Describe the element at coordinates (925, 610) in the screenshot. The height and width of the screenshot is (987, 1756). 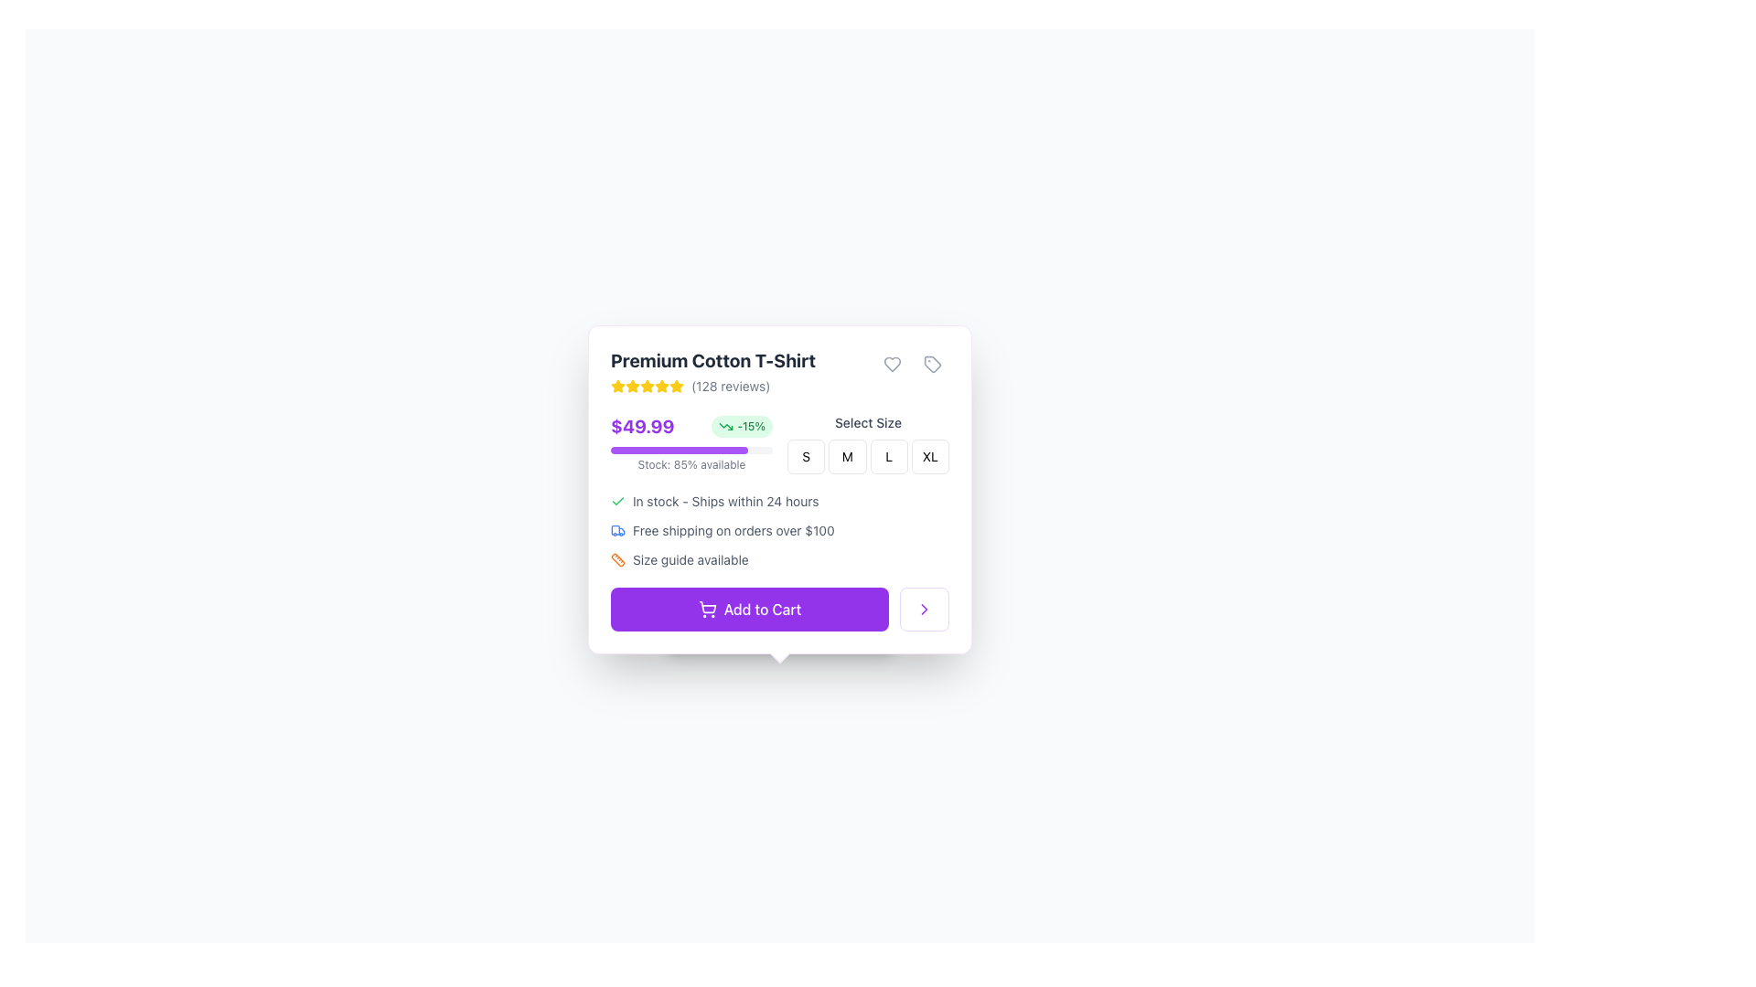
I see `the navigation button located at the far right of the horizontally aligned group, next to the larger purple 'Add to Cart' button` at that location.